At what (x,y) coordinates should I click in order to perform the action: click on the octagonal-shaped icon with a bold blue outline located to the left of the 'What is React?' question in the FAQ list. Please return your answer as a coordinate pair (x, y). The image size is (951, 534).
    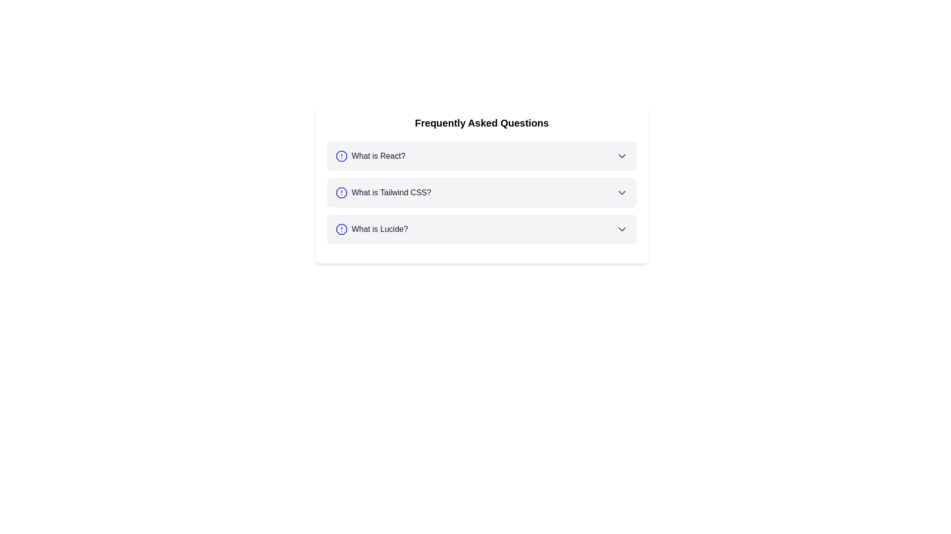
    Looking at the image, I should click on (342, 156).